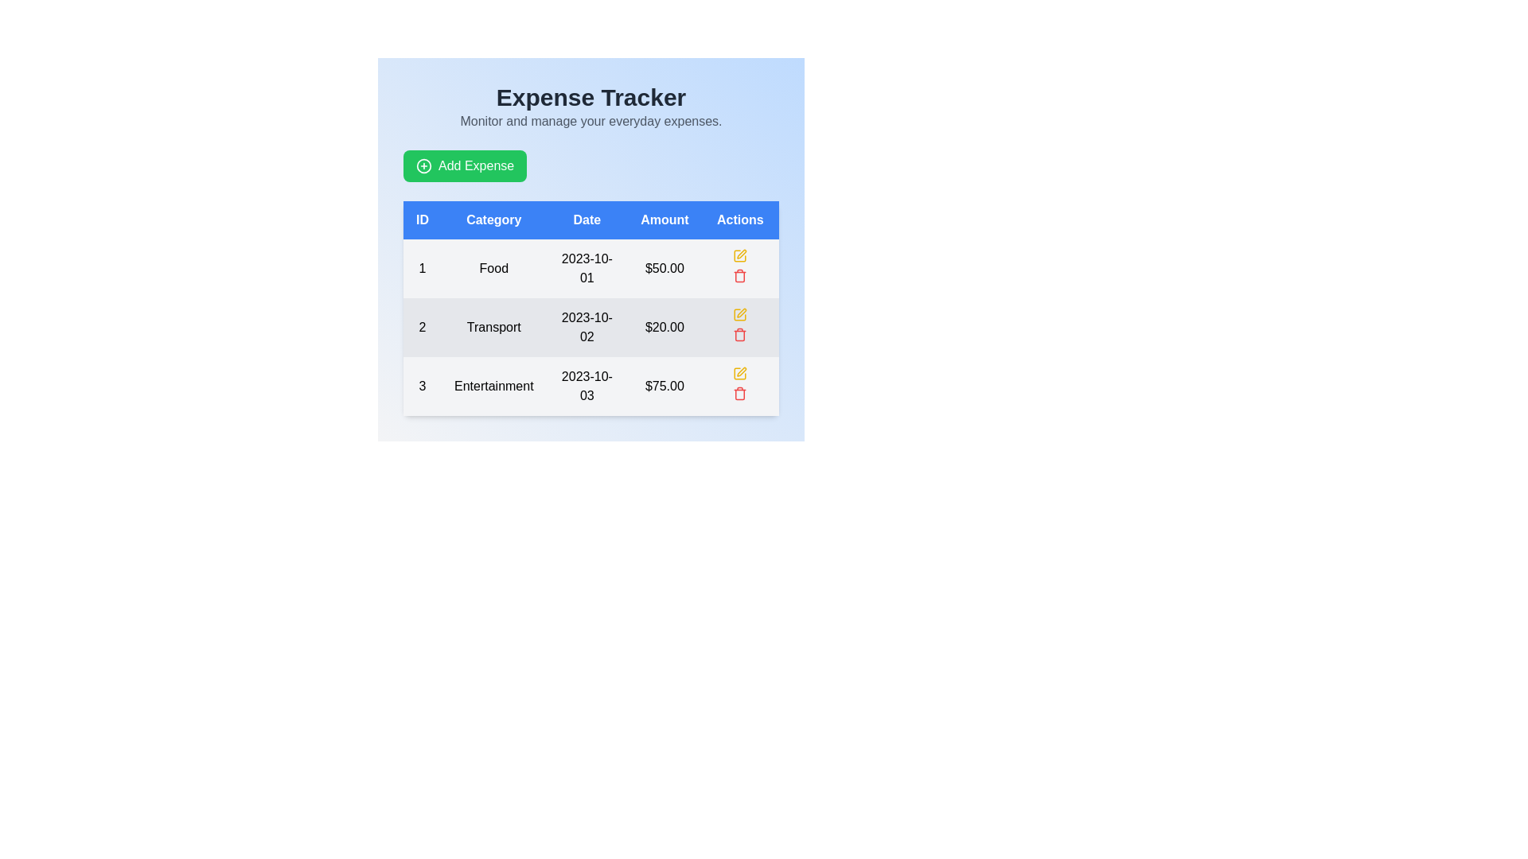  What do you see at coordinates (423, 387) in the screenshot?
I see `the text label displaying the number '3' in the Expense Tracker table, which is located in the first column of the third row` at bounding box center [423, 387].